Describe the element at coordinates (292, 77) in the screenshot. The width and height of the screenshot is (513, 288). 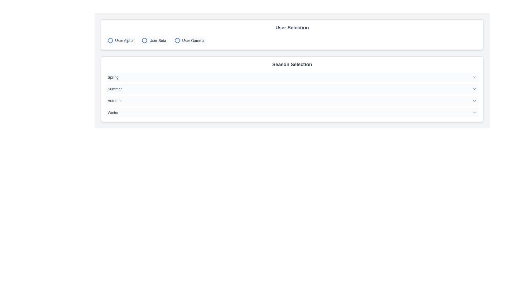
I see `the first dropdown selector item labeled 'Spring' in the 'Season Selection' category` at that location.